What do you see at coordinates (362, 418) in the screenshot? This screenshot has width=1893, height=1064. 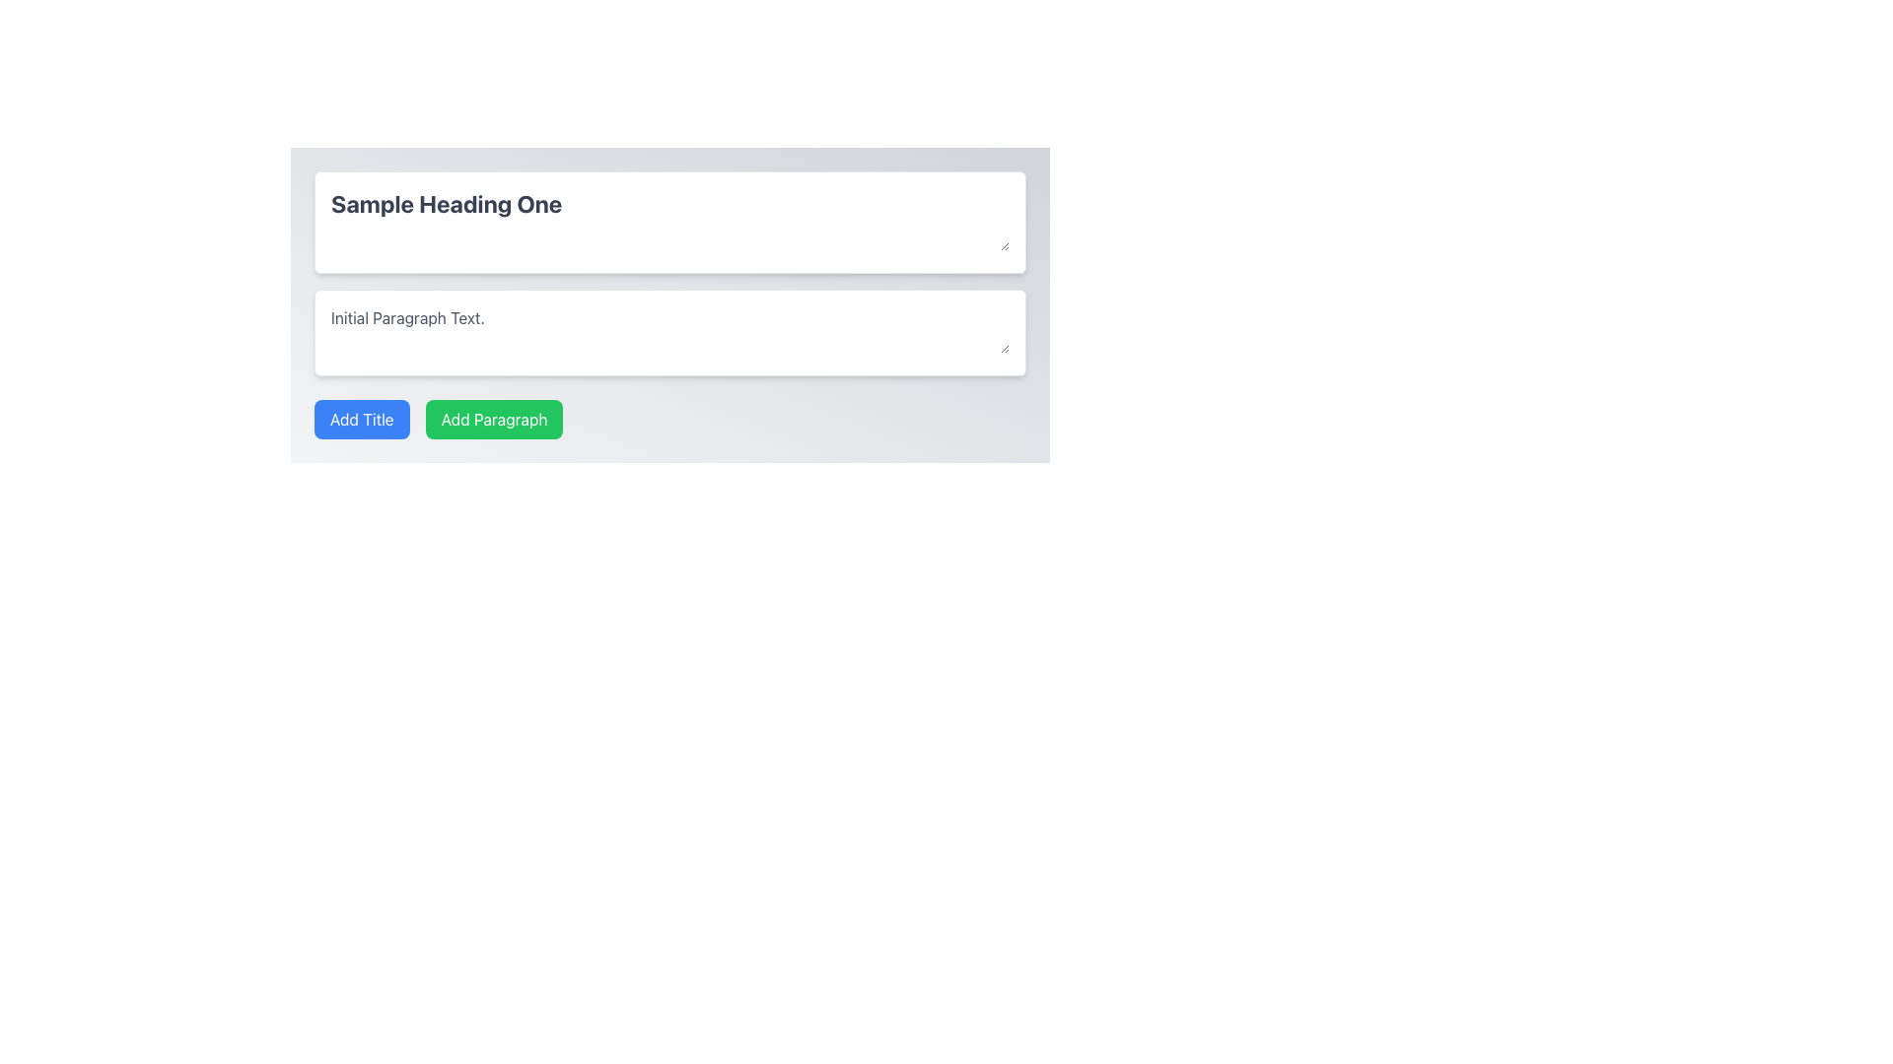 I see `the blue 'Add Title' button with white text` at bounding box center [362, 418].